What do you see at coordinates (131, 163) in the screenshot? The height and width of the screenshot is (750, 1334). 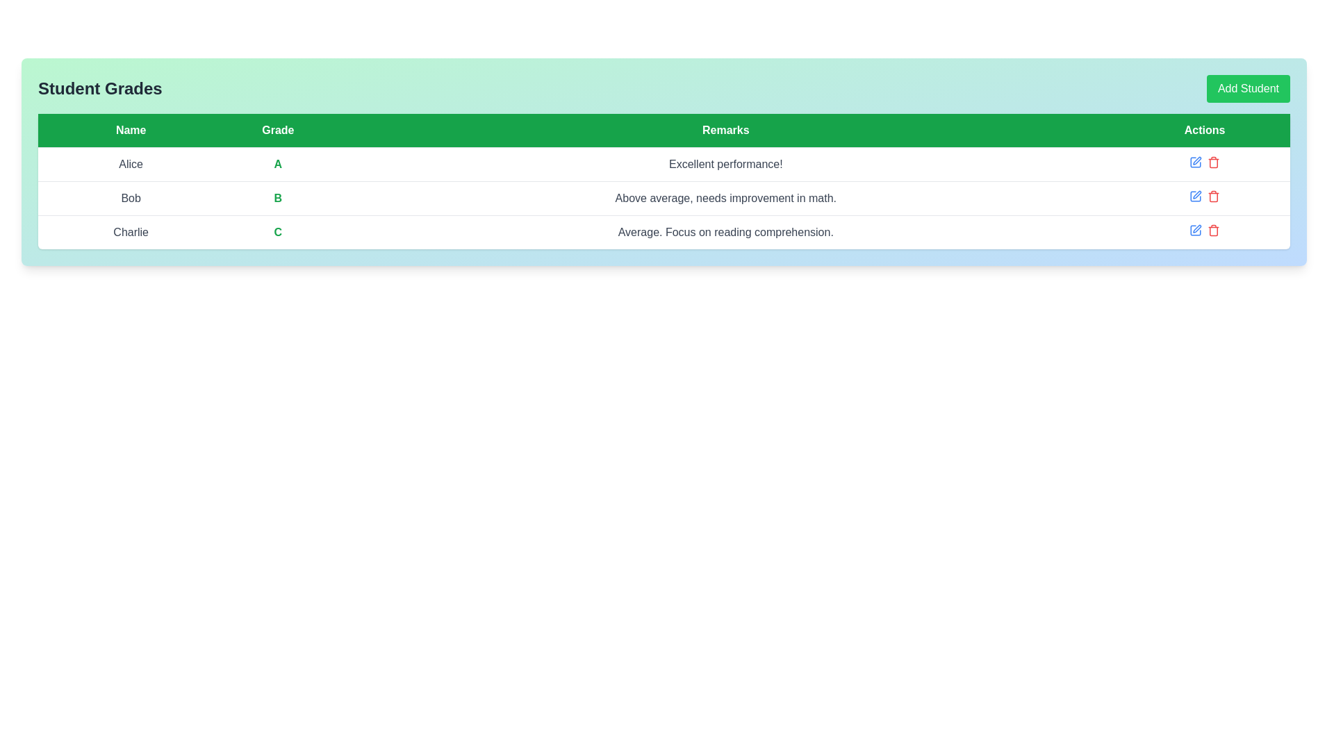 I see `the text label displaying 'Alice' in the Name column of the table to potentially reveal more information` at bounding box center [131, 163].